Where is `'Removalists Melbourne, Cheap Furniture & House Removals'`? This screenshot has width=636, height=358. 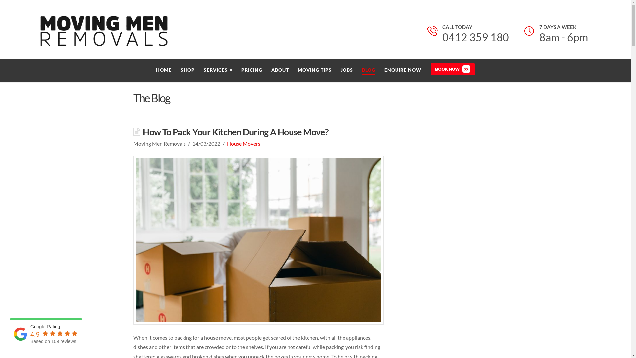
'Removalists Melbourne, Cheap Furniture & House Removals' is located at coordinates (103, 34).